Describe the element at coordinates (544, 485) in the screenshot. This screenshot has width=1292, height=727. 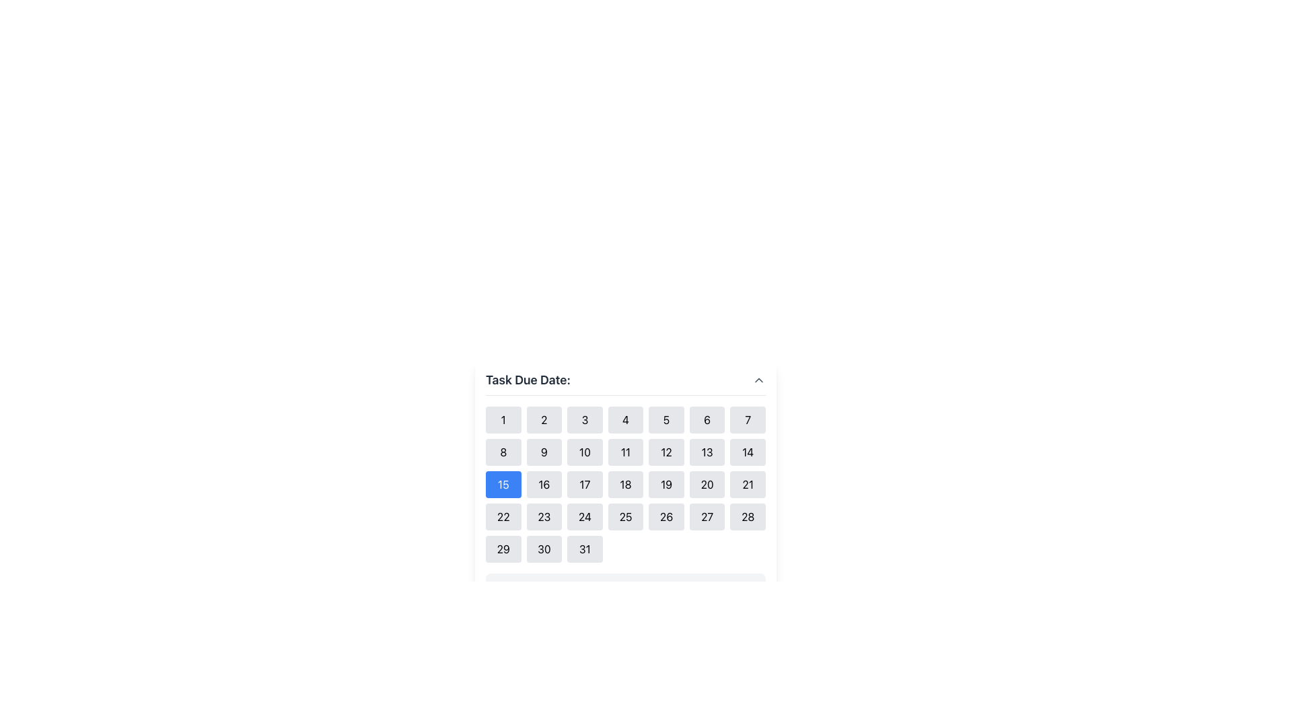
I see `the button displaying the number '16' to trigger its hover effect, which changes the background color to blue` at that location.